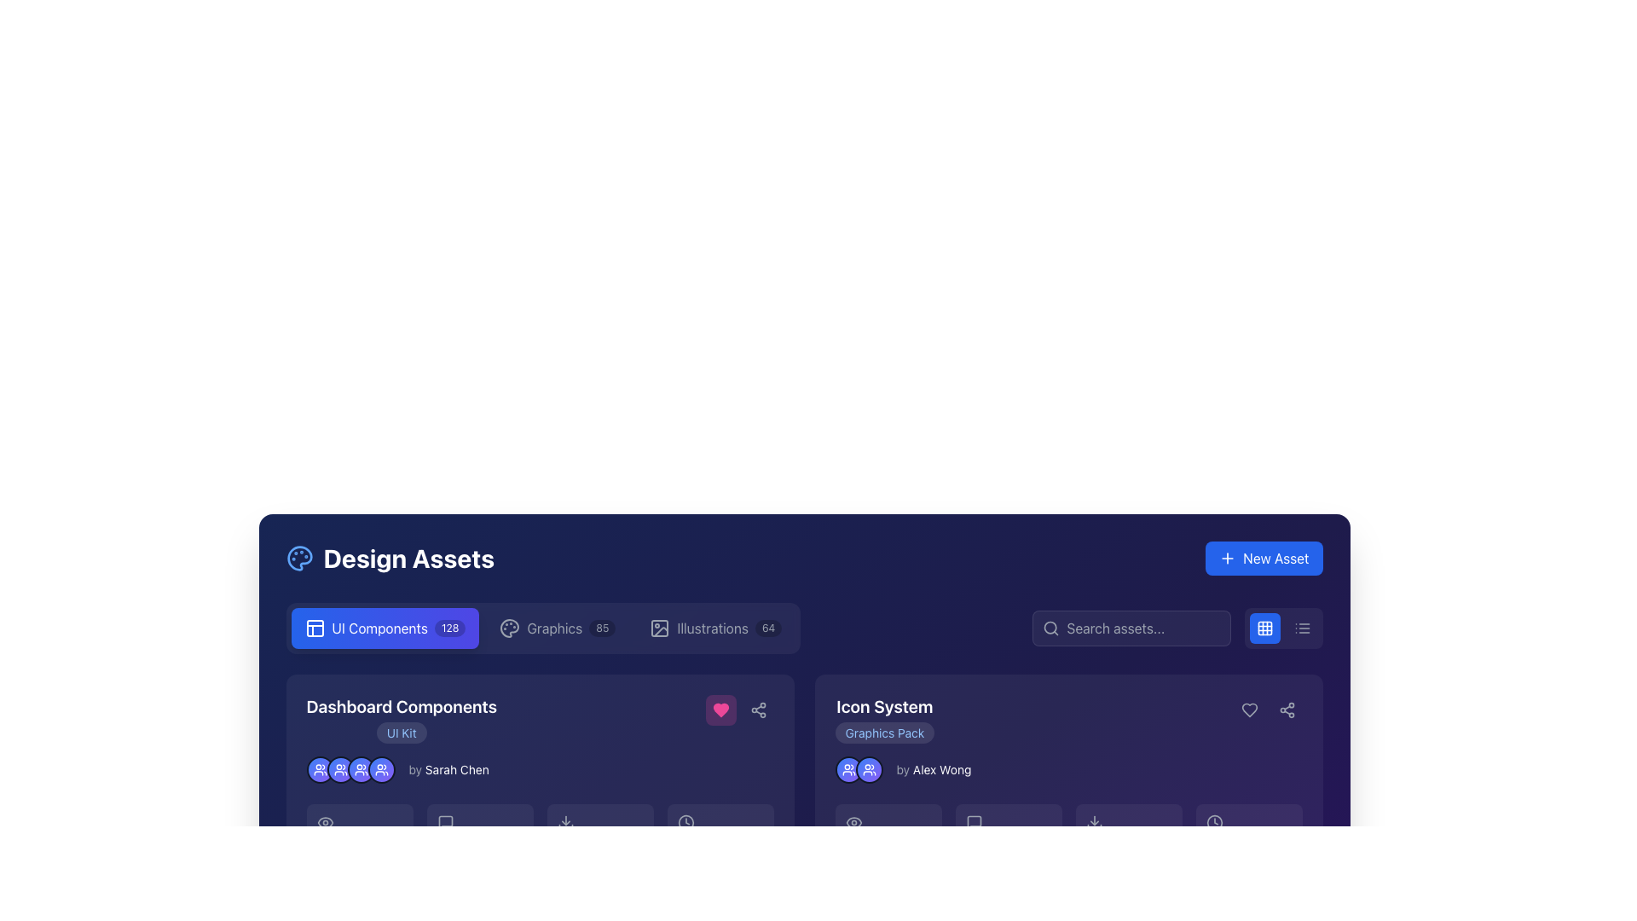 The width and height of the screenshot is (1637, 921). I want to click on the leftmost interactive button in the upper-right-hand side of the interface to change the view layout to a grid format, so click(1264, 628).